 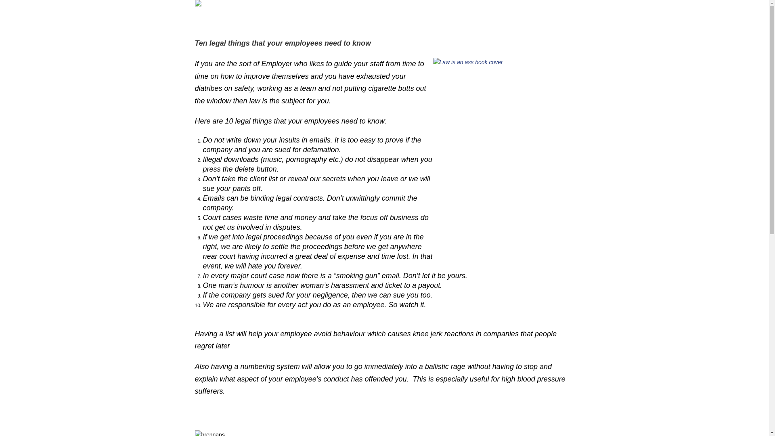 What do you see at coordinates (411, 17) in the screenshot?
I see `'About'` at bounding box center [411, 17].